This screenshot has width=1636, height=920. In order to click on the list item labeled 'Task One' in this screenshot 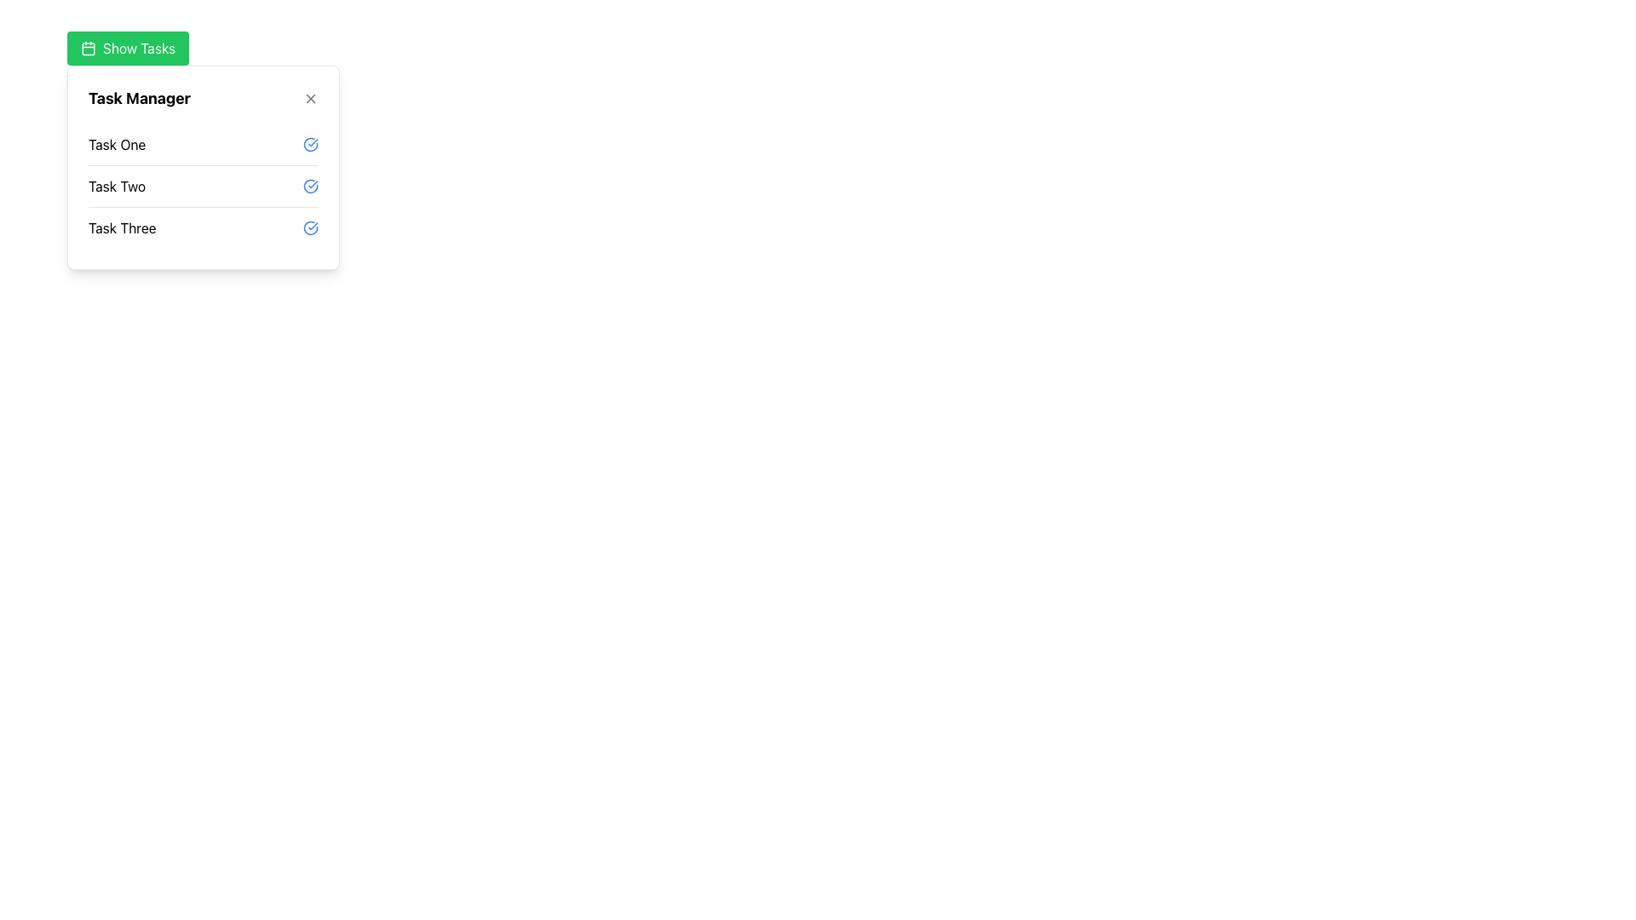, I will do `click(204, 143)`.